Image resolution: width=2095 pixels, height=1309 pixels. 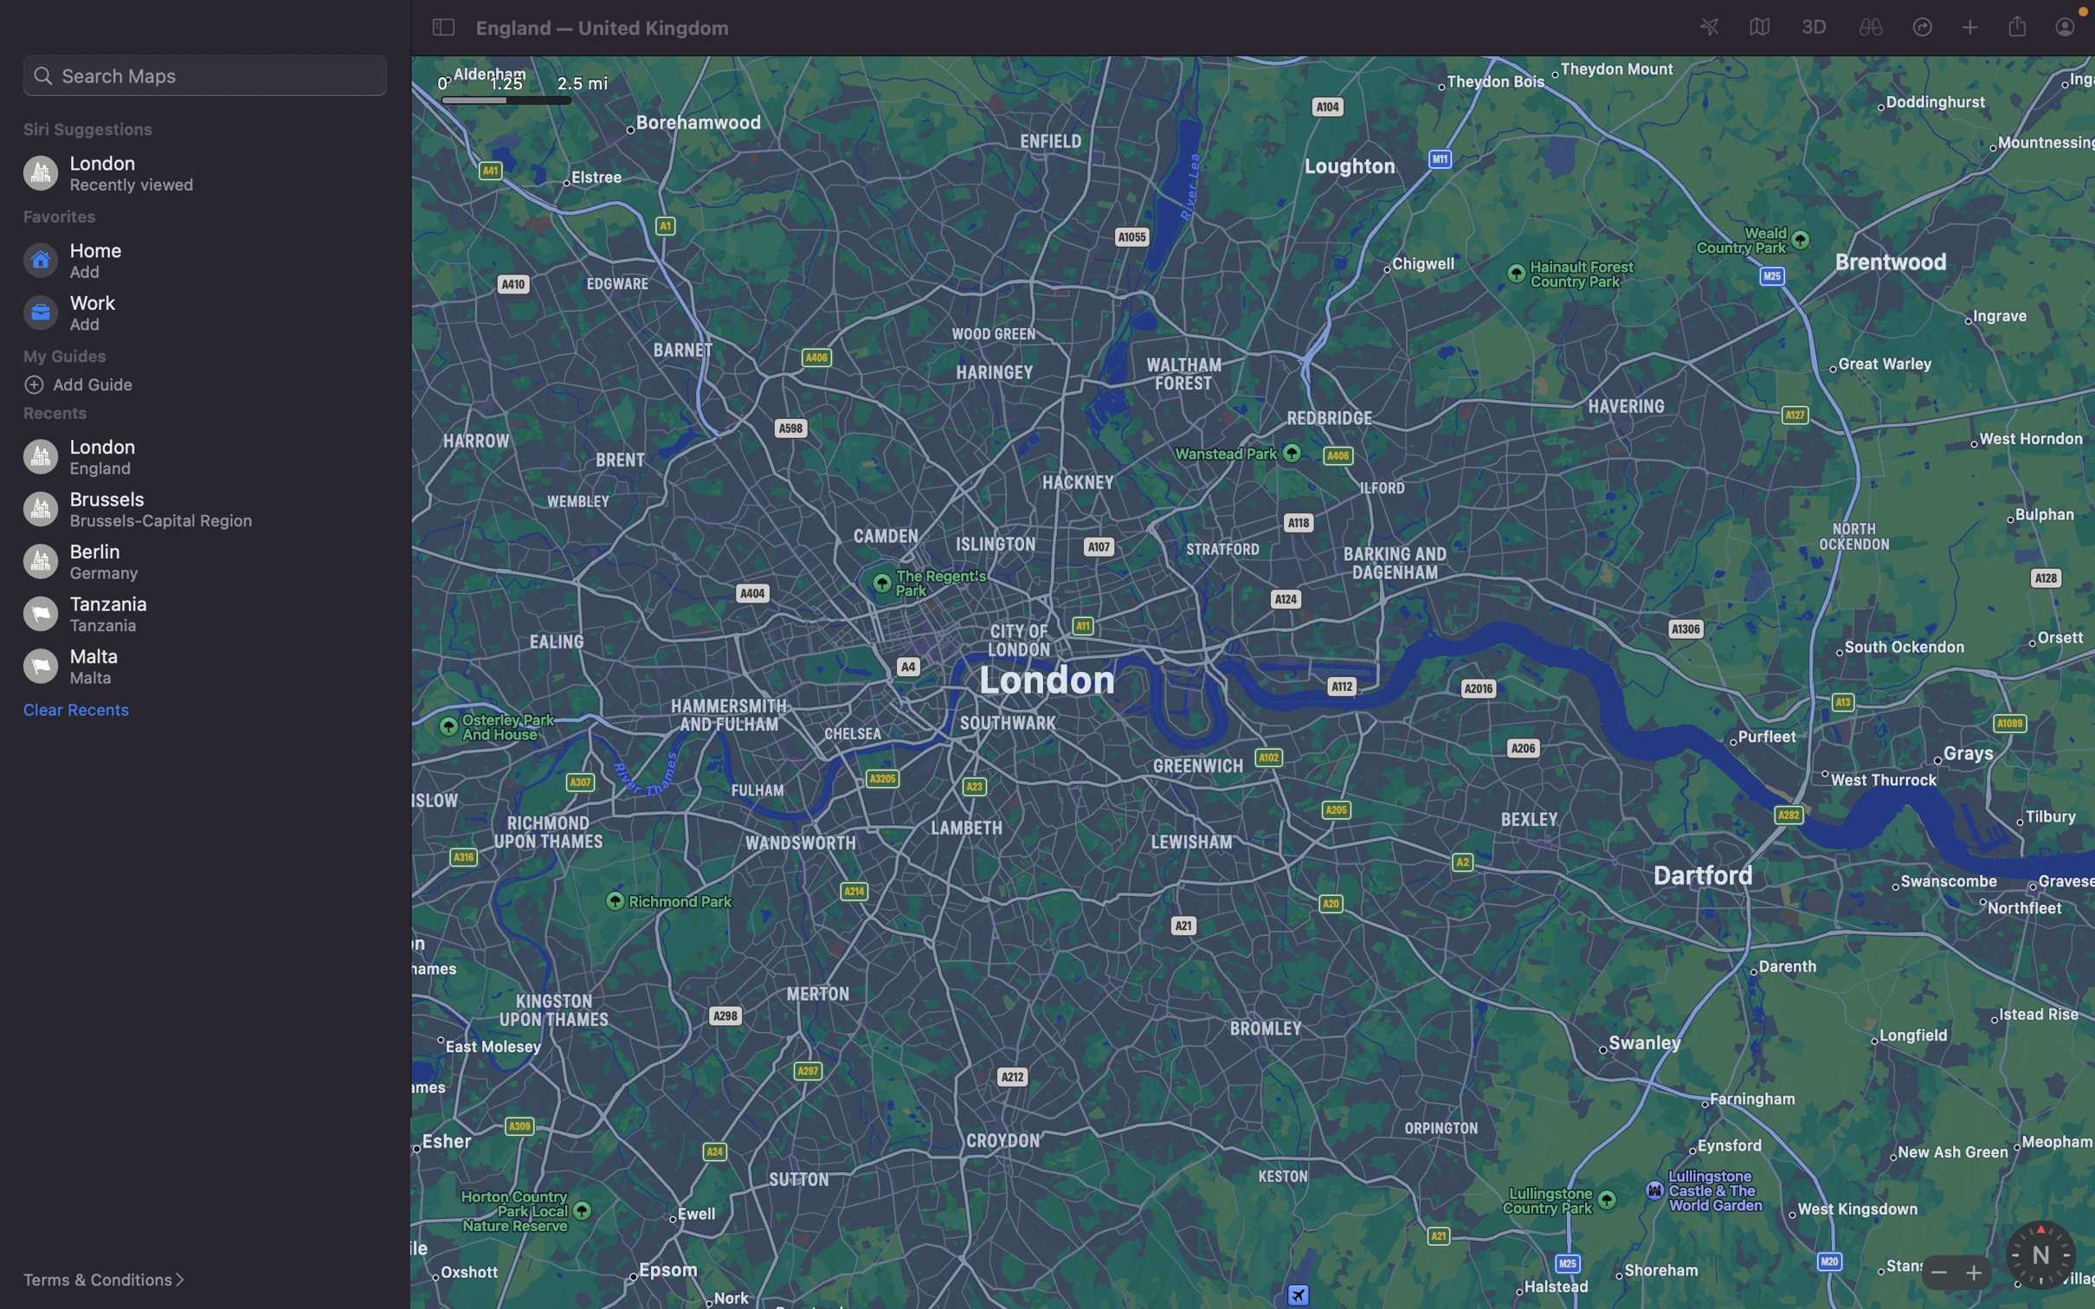 I want to click on Share the current map location, so click(x=2020, y=24).